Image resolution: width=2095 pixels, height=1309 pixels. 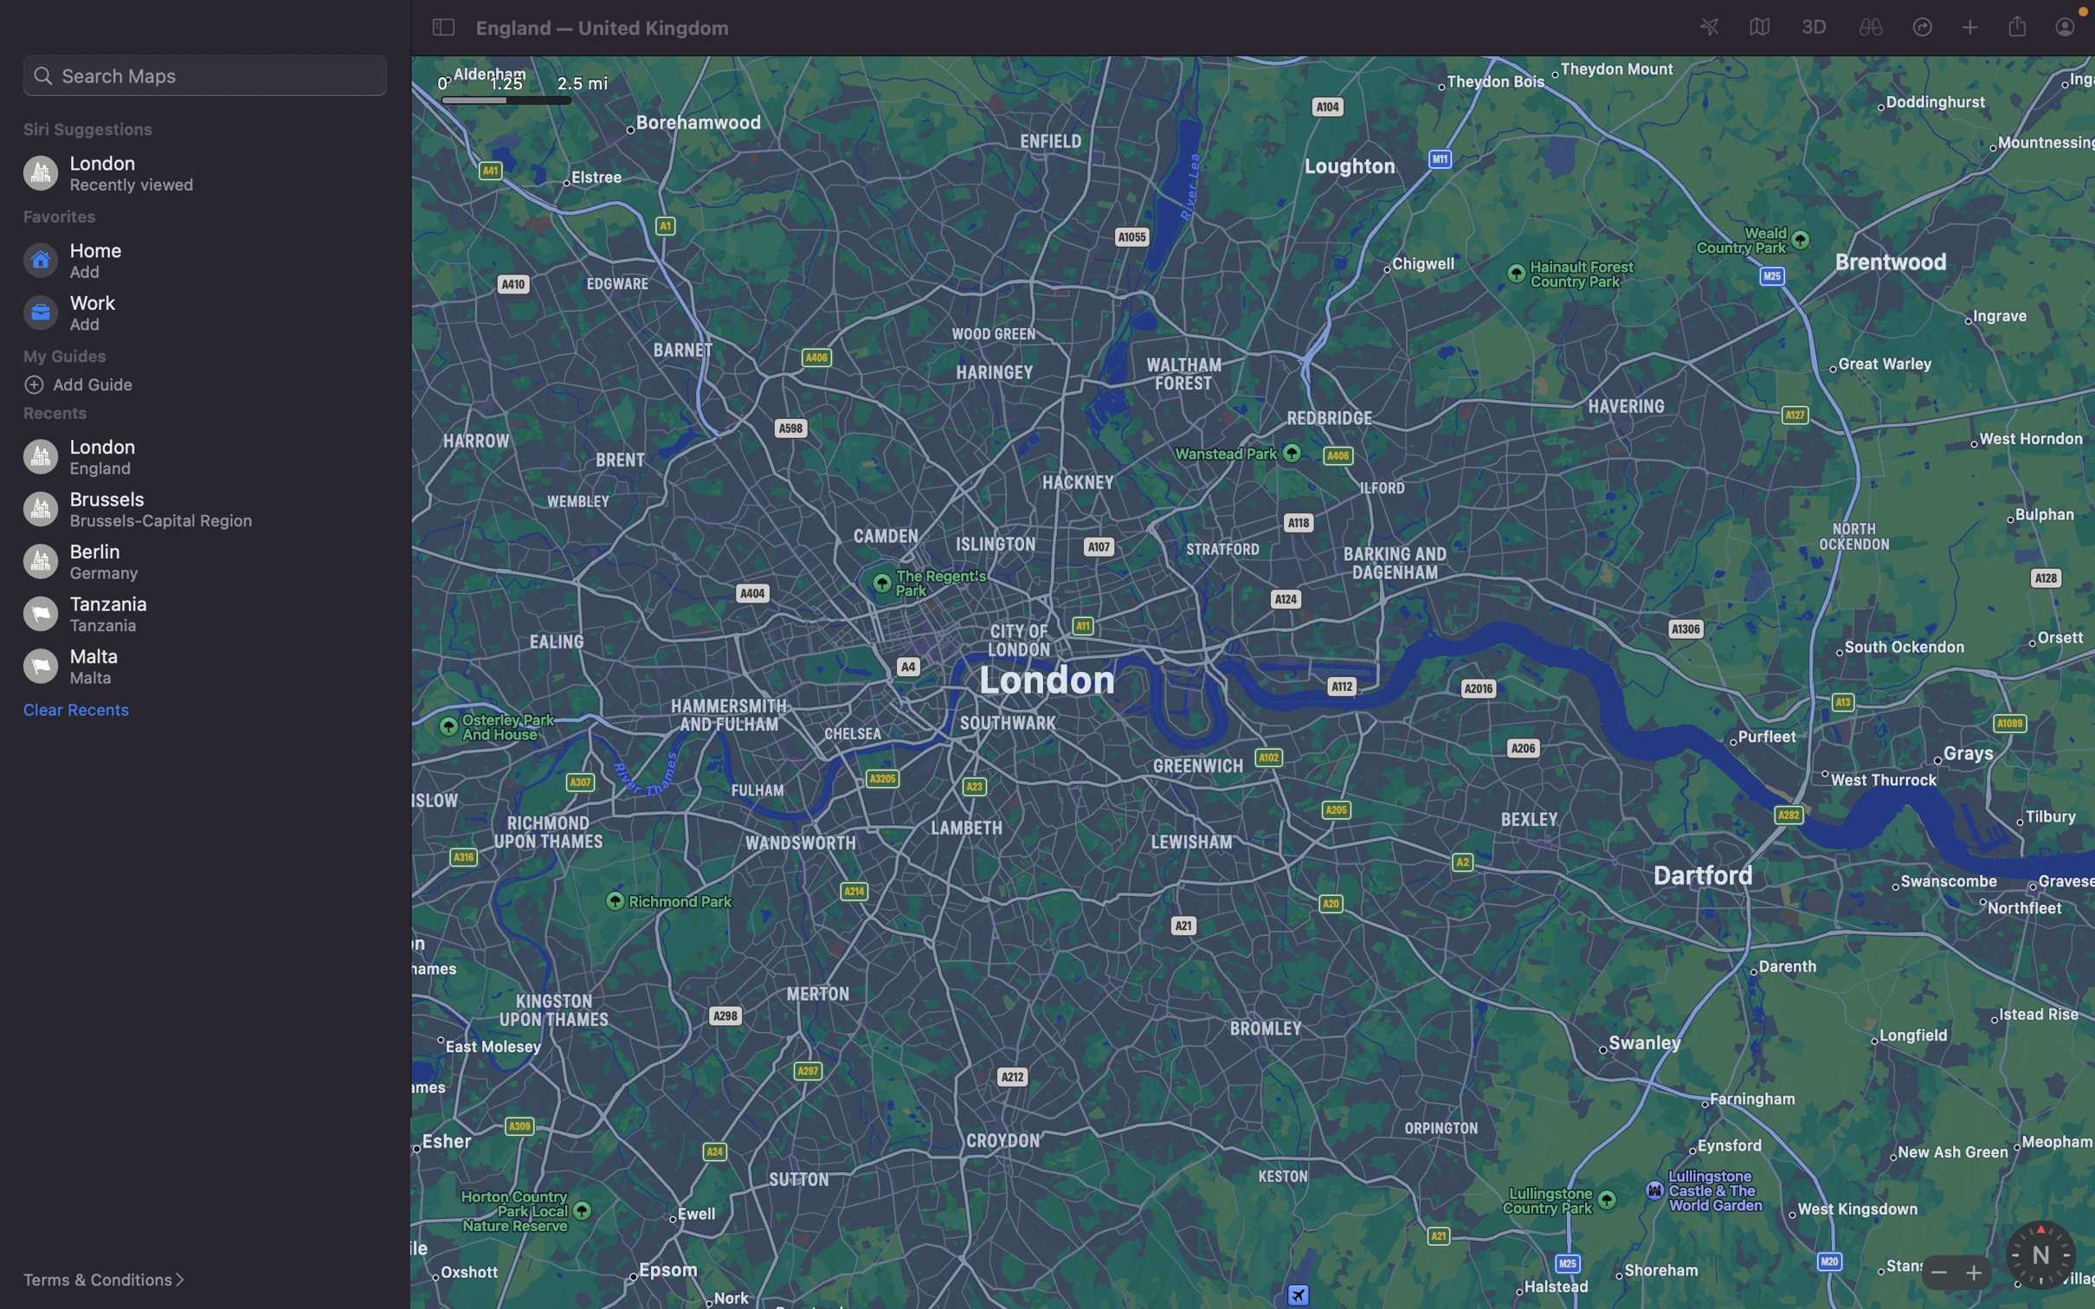 I want to click on Share the current map location, so click(x=2020, y=24).